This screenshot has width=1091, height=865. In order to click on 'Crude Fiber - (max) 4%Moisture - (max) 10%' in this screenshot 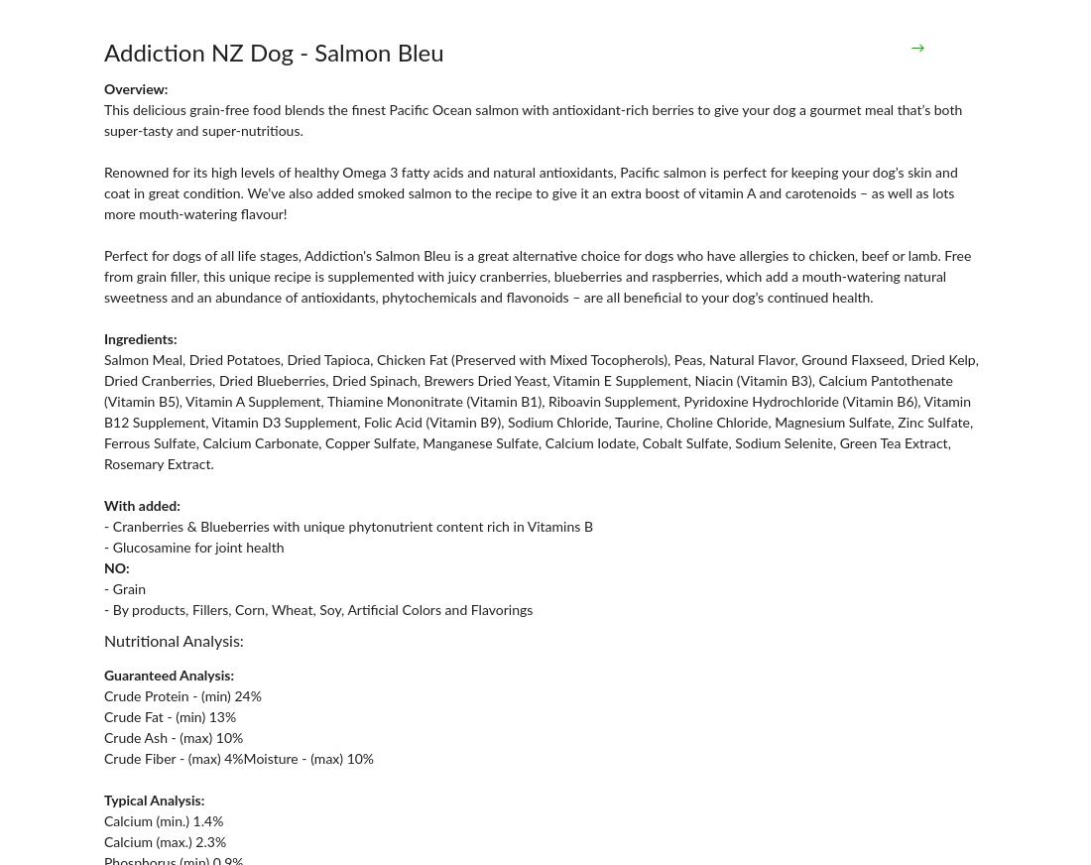, I will do `click(239, 759)`.